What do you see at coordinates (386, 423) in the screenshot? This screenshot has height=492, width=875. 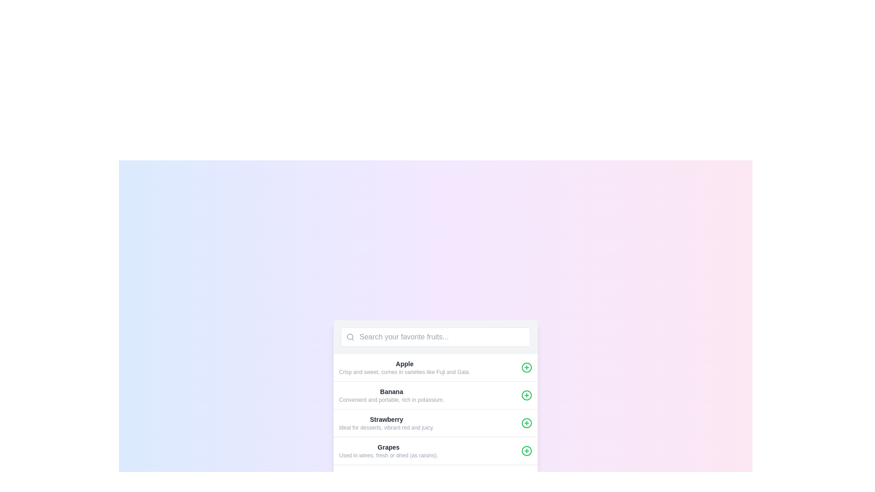 I see `the third list item displaying 'Strawberry' in bold, dark gray font, which is positioned between 'Banana' and 'Grapes' in the fruit list` at bounding box center [386, 423].